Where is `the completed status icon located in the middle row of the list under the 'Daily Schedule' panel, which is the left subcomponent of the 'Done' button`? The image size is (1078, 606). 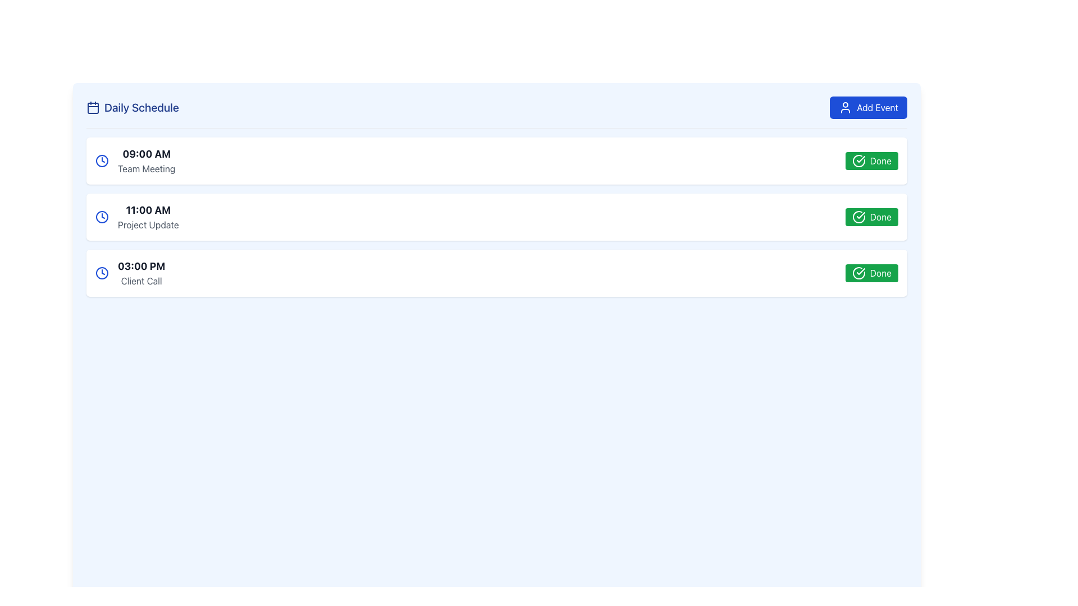
the completed status icon located in the middle row of the list under the 'Daily Schedule' panel, which is the left subcomponent of the 'Done' button is located at coordinates (858, 217).